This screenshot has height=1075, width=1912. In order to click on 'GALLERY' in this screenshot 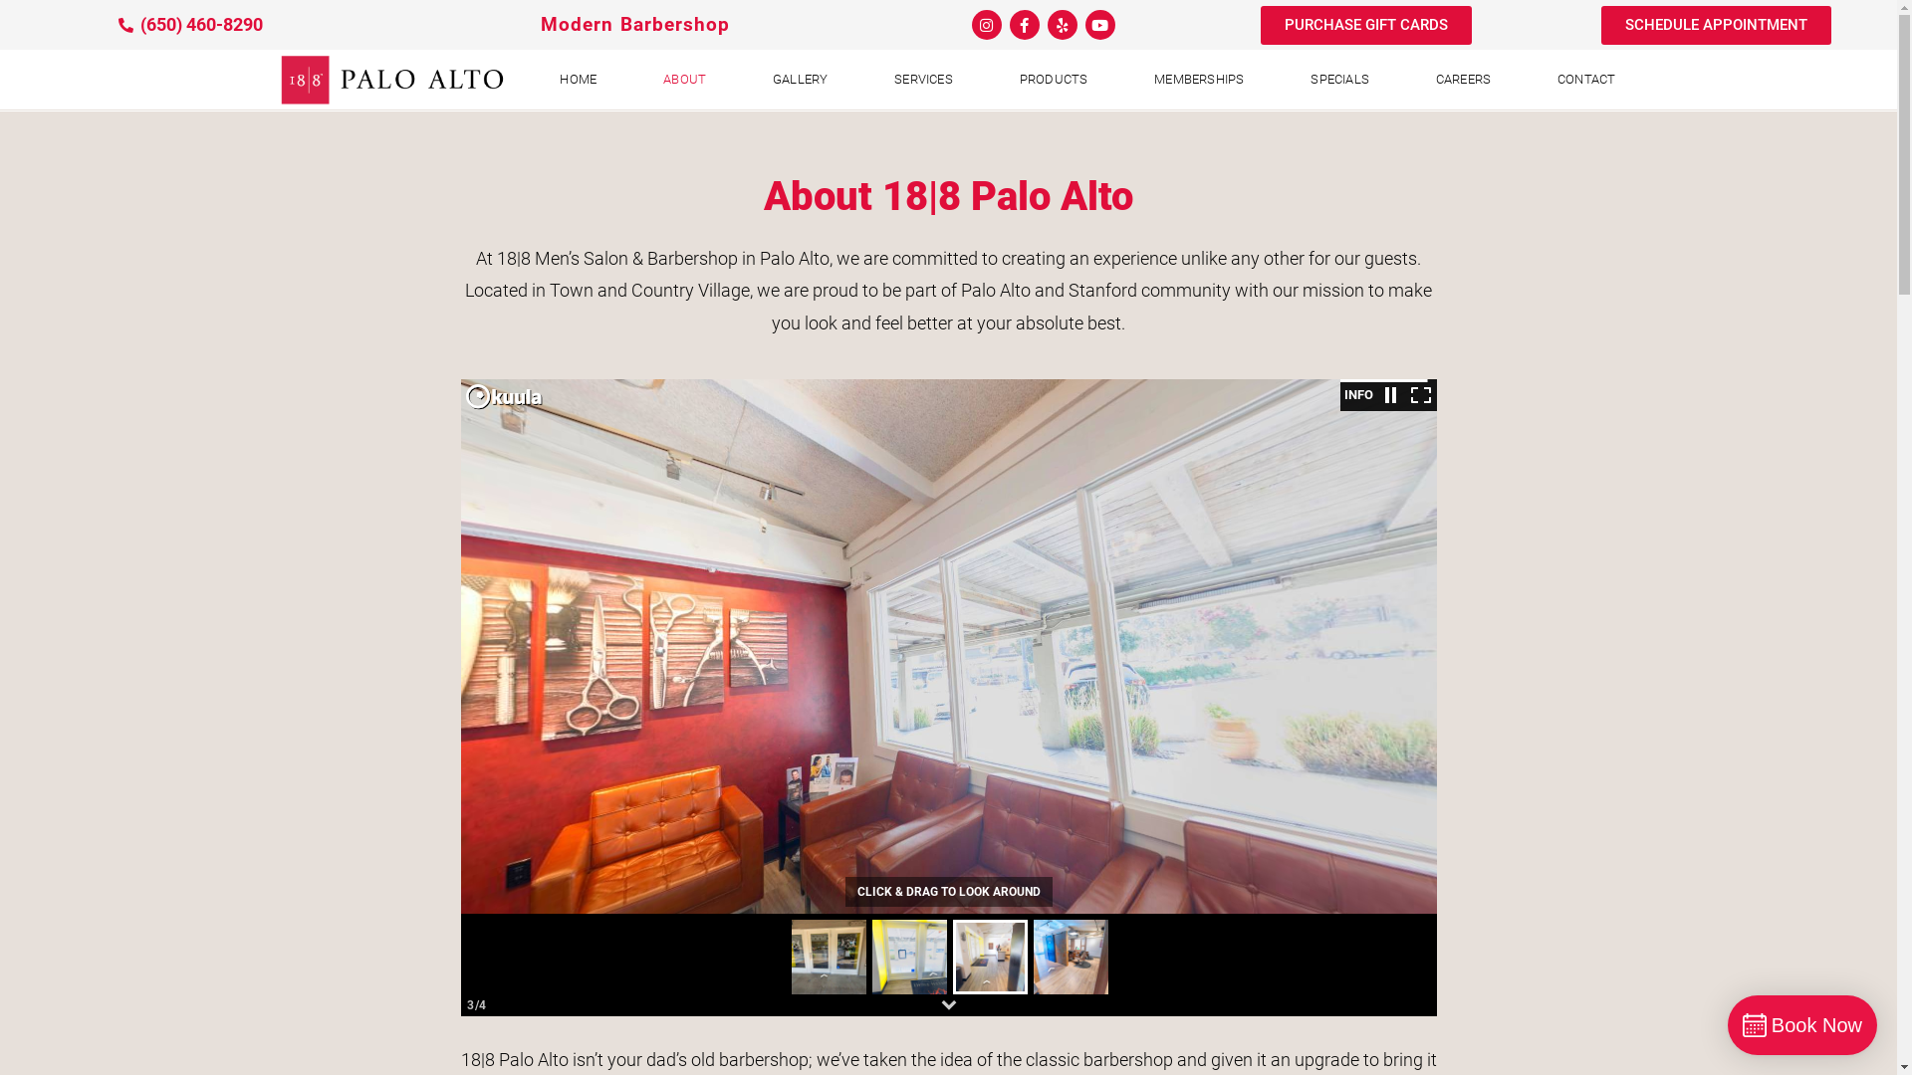, I will do `click(741, 79)`.